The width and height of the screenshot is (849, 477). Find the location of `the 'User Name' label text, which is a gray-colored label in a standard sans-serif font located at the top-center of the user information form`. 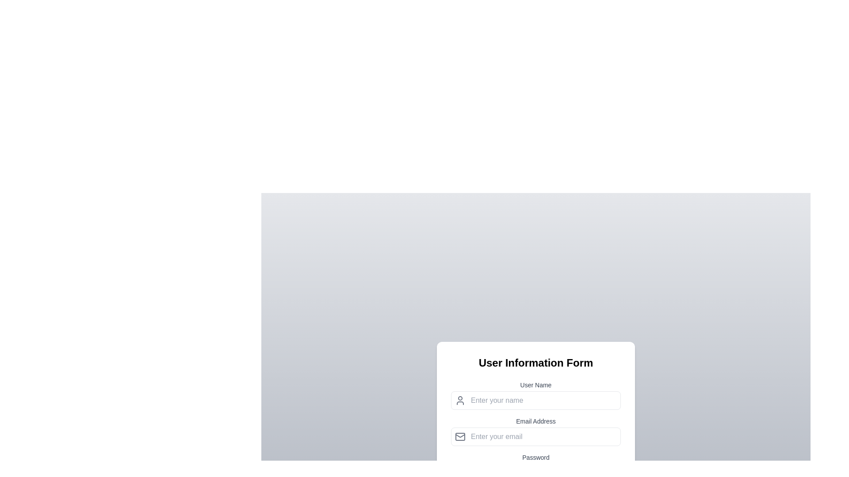

the 'User Name' label text, which is a gray-colored label in a standard sans-serif font located at the top-center of the user information form is located at coordinates (535, 384).